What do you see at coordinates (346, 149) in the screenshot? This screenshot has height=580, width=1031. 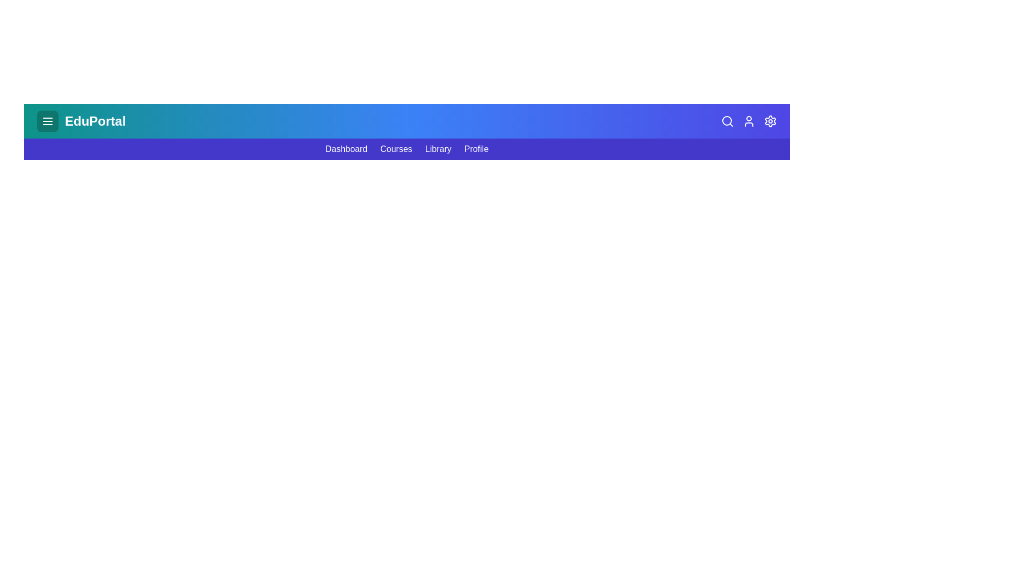 I see `the navigation link Dashboard in the menu bar` at bounding box center [346, 149].